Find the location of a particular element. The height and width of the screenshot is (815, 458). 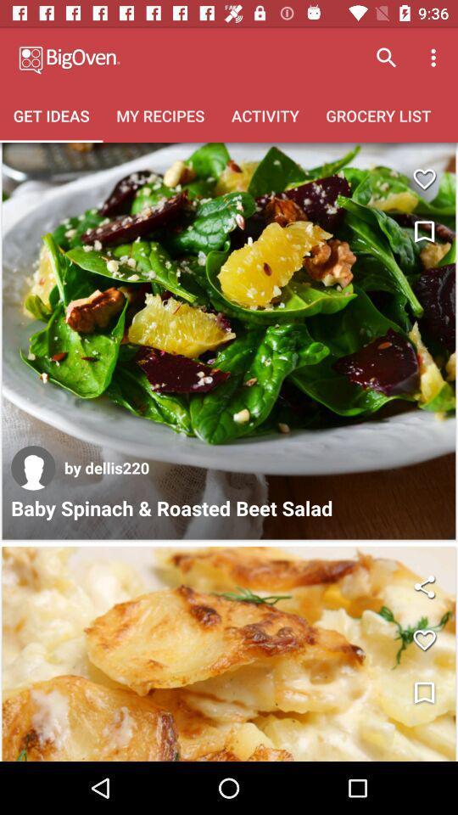

the by dellis220 item is located at coordinates (107, 468).